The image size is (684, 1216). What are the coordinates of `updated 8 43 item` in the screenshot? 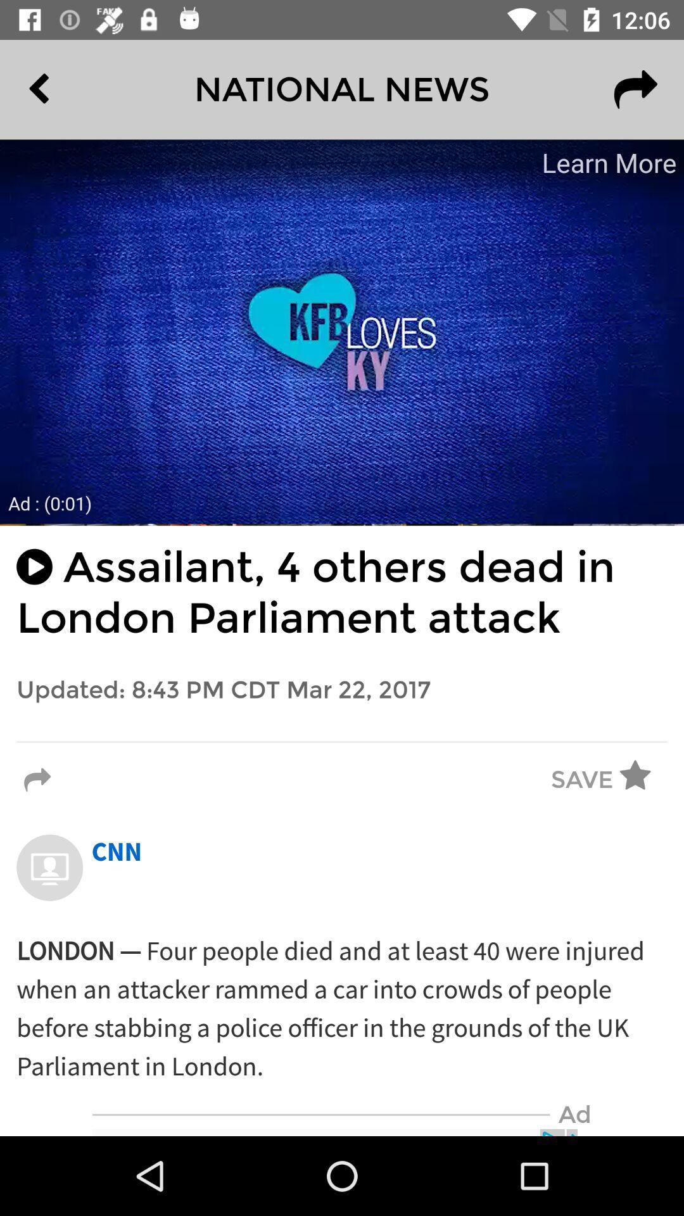 It's located at (342, 690).